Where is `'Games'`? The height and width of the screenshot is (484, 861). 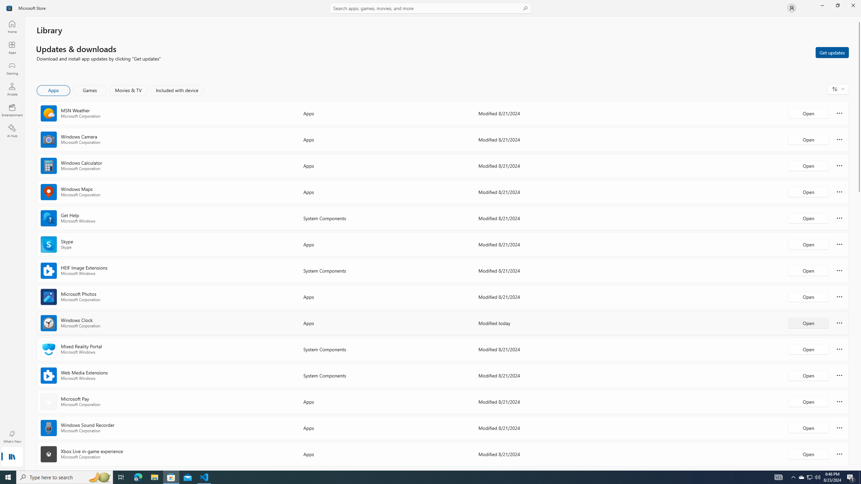 'Games' is located at coordinates (89, 90).